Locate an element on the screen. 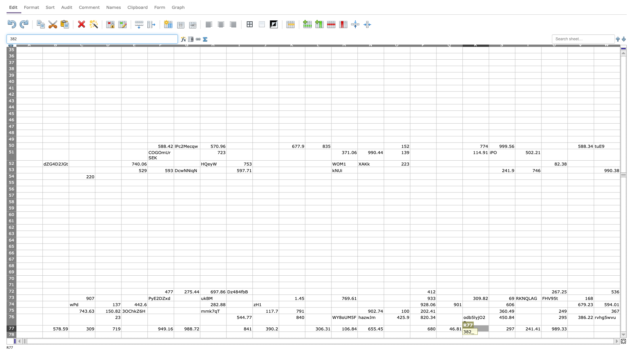 The width and height of the screenshot is (630, 354). top left corner of cell T78 is located at coordinates (514, 331).